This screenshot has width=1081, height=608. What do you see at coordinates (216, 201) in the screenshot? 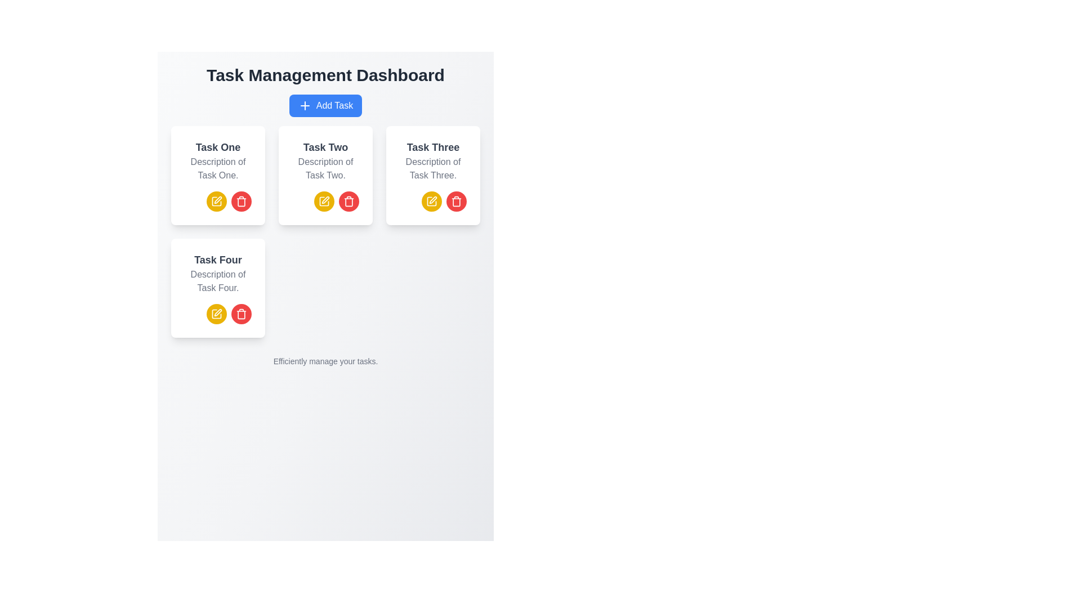
I see `the circular yellow button with a white pen icon, located in the 'Task One' task card on the left side of the action buttons group, to observe the color change indicating interactivity` at bounding box center [216, 201].